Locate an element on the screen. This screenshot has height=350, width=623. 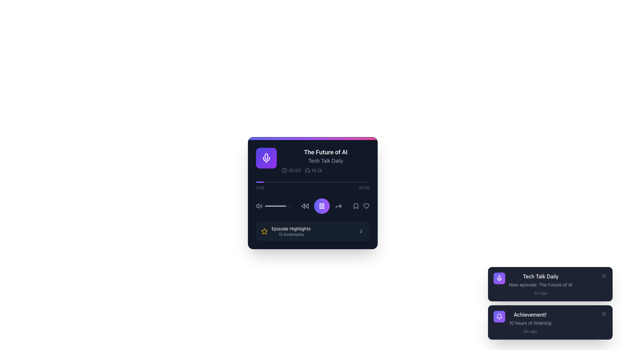
the icon group containing a bookmark and heart is located at coordinates (361, 206).